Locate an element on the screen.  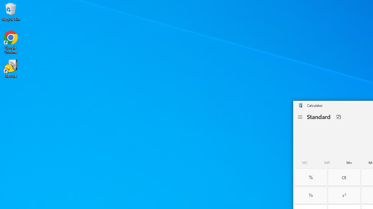
'Memory add' is located at coordinates (349, 163).